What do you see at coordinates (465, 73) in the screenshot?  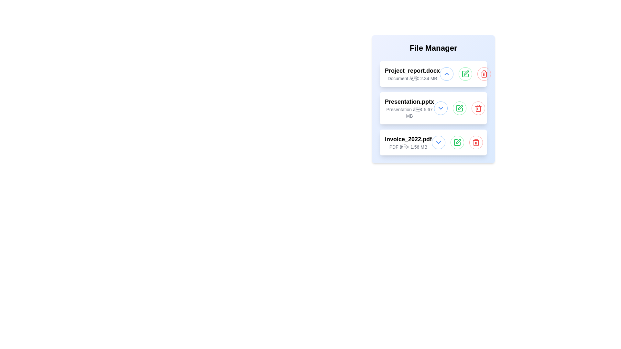 I see `edit button for the file named Project_report.docx` at bounding box center [465, 73].